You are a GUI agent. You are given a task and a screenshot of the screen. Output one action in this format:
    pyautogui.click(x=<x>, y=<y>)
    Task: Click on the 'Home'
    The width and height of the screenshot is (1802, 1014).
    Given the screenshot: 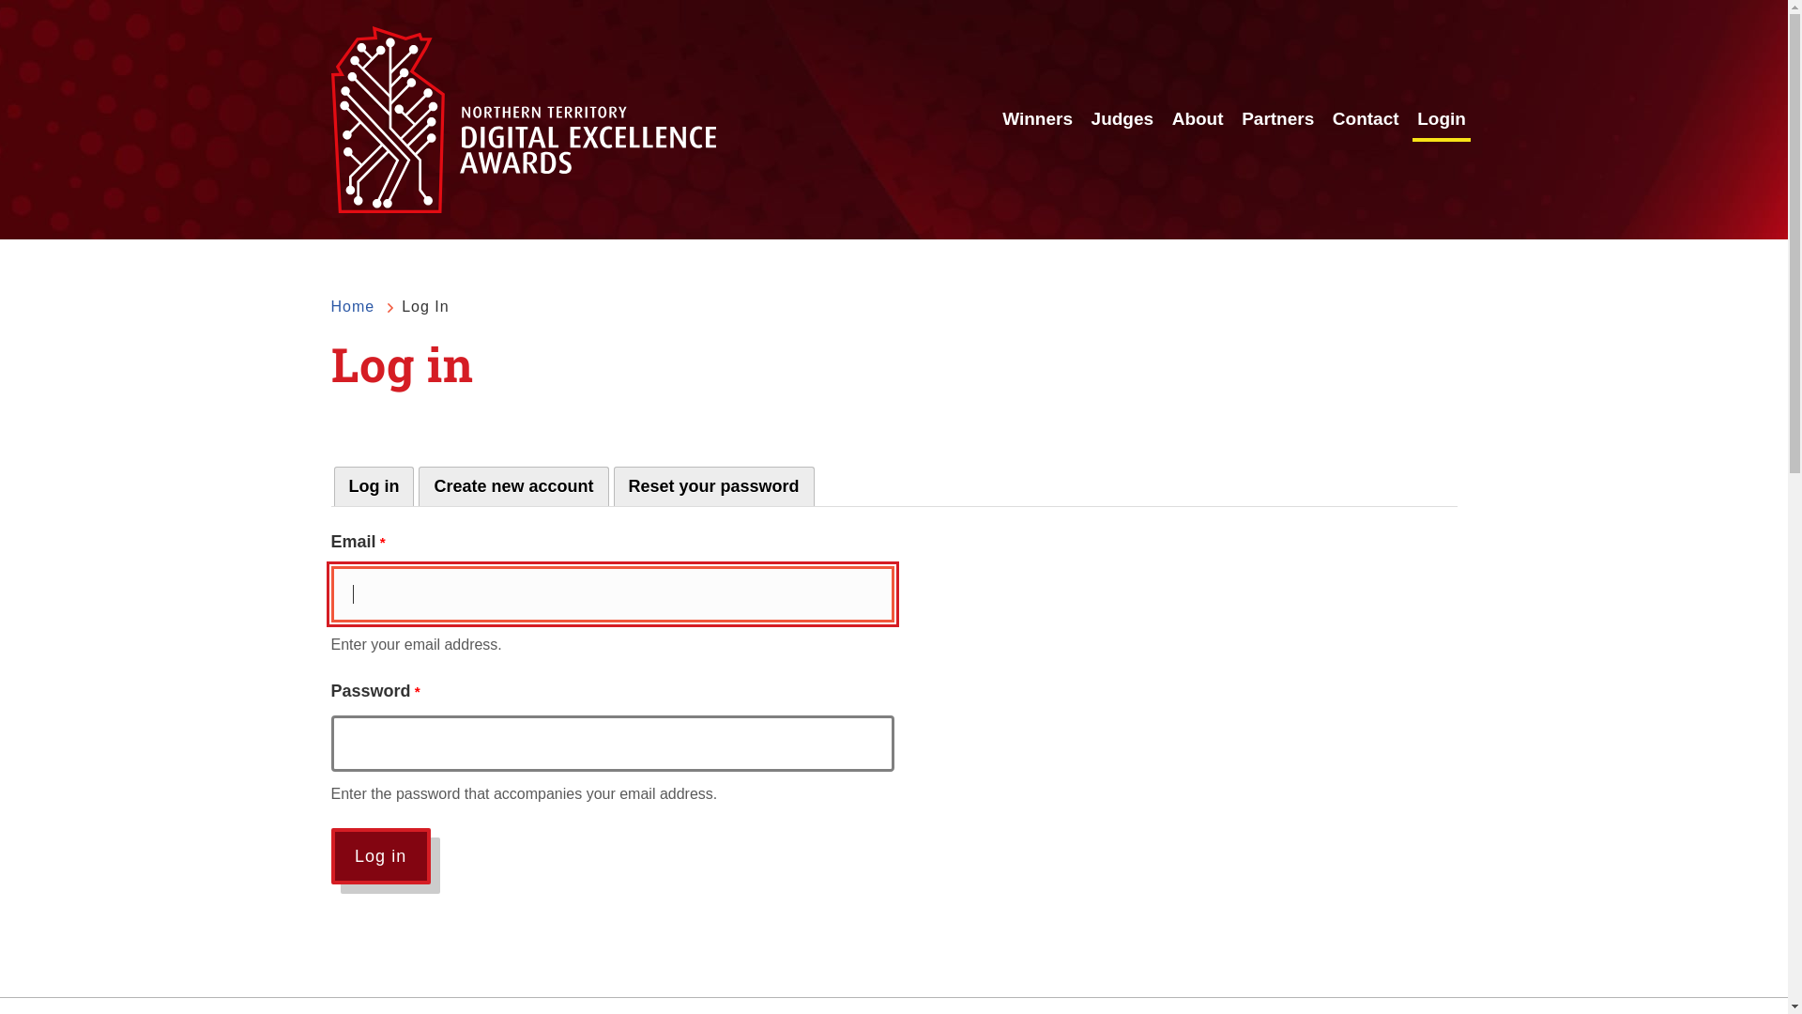 What is the action you would take?
    pyautogui.click(x=352, y=306)
    